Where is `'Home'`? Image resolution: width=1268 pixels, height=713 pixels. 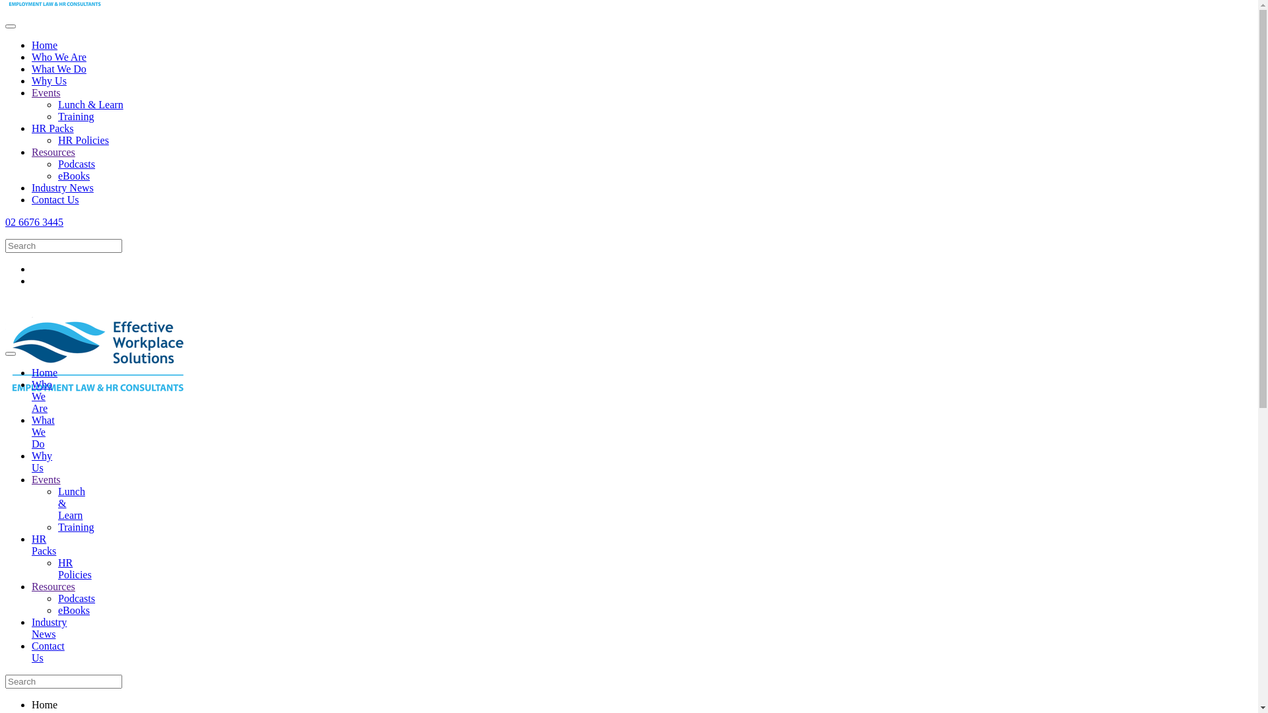
'Home' is located at coordinates (44, 372).